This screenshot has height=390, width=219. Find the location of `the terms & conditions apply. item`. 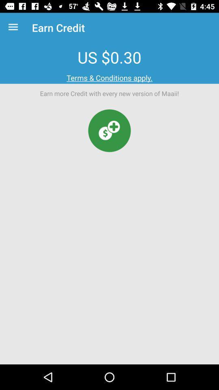

the terms & conditions apply. item is located at coordinates (109, 78).